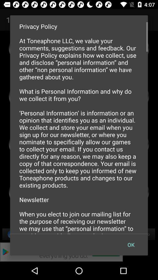  What do you see at coordinates (131, 245) in the screenshot?
I see `the ok item` at bounding box center [131, 245].